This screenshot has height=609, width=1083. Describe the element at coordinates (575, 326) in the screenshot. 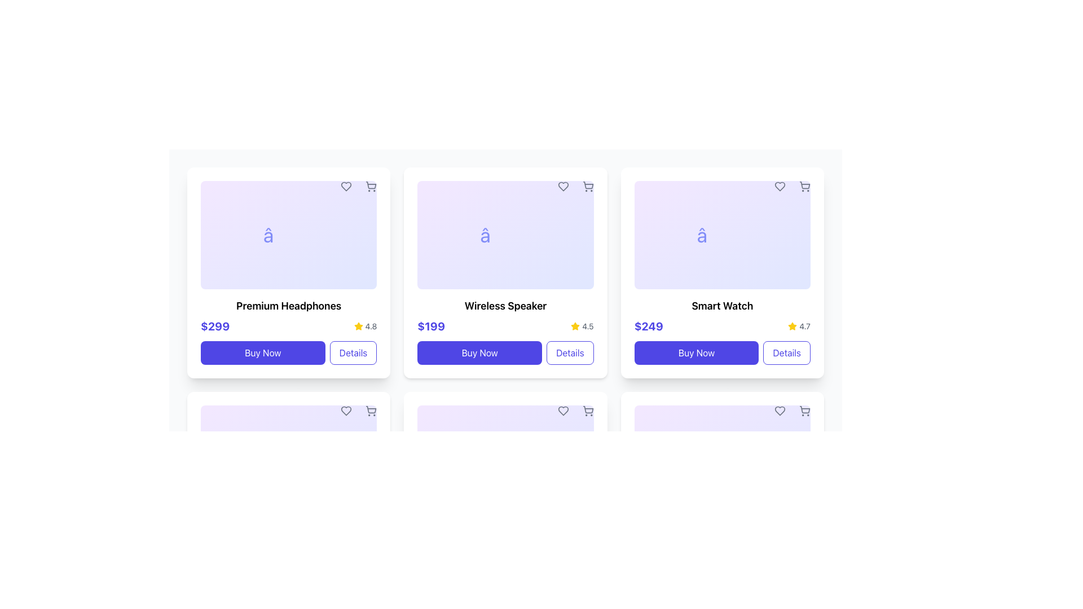

I see `the yellow-filled star icon in the second product card titled 'Wireless Speaker', which is located to the left of the rating text '4.5'` at that location.